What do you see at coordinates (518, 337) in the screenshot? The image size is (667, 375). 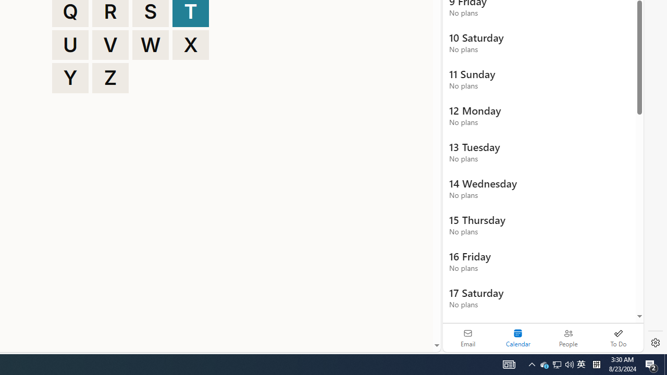 I see `'Selected calendar module. Date today is 22'` at bounding box center [518, 337].